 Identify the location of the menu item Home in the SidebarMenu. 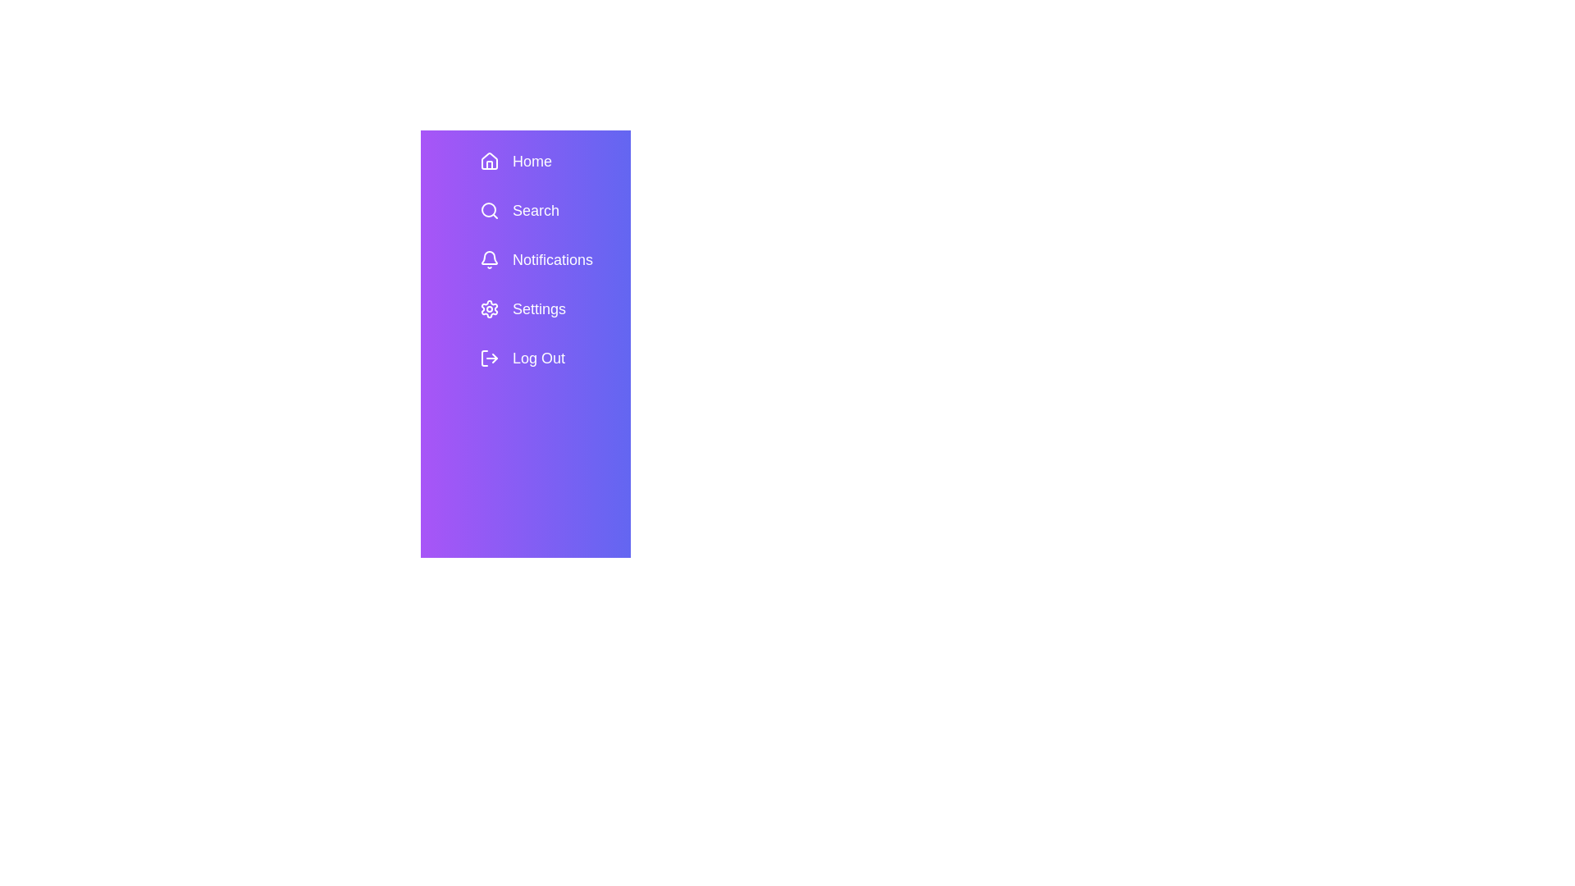
(548, 161).